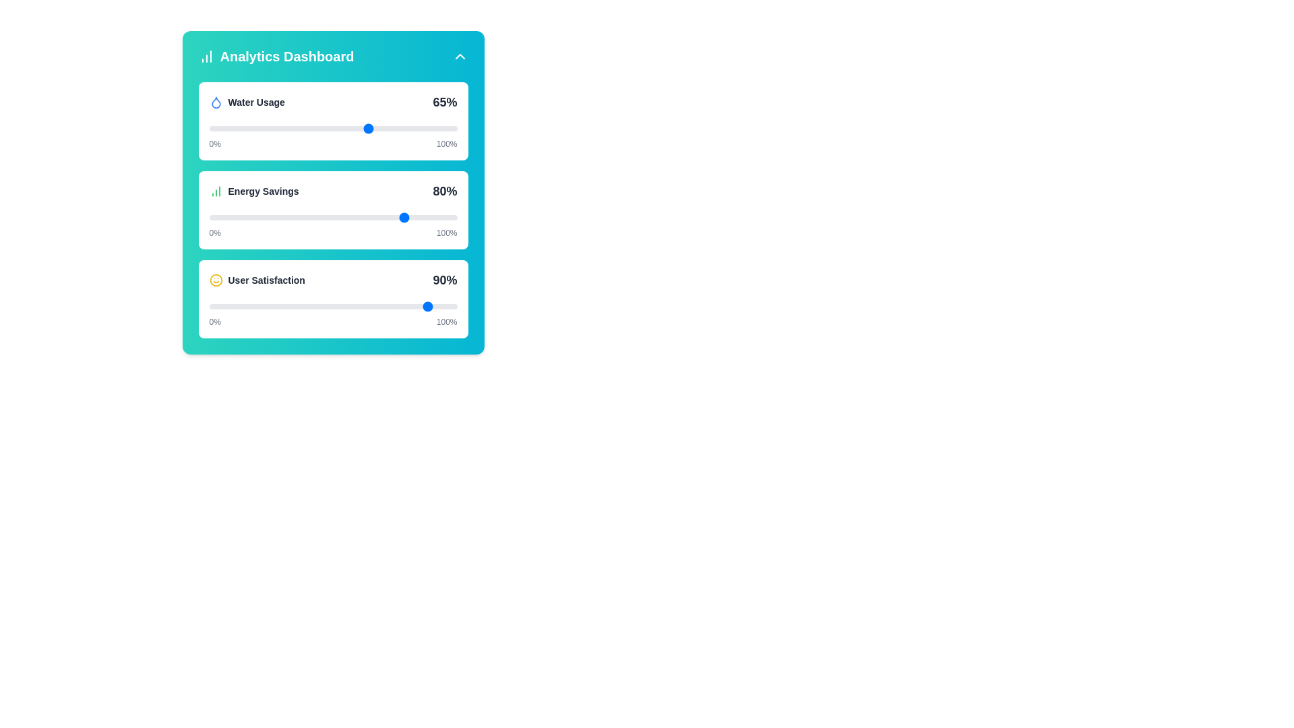 Image resolution: width=1294 pixels, height=728 pixels. I want to click on the water usage slider, so click(338, 129).